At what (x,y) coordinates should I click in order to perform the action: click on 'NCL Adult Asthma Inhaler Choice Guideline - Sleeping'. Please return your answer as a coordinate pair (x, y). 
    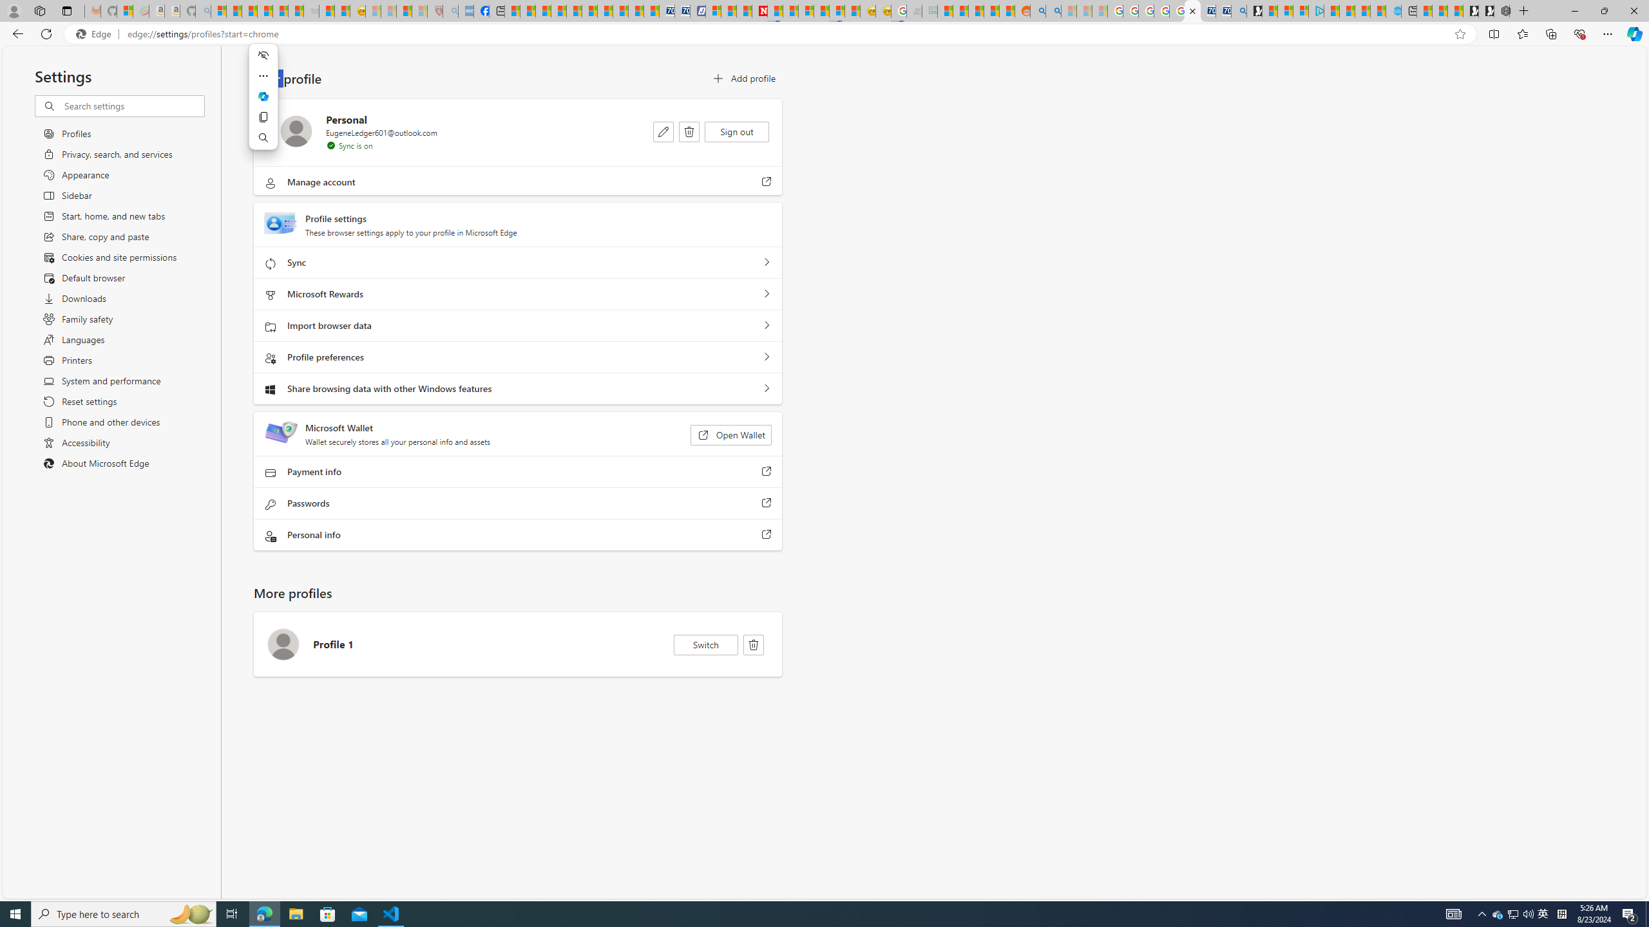
    Looking at the image, I should click on (466, 10).